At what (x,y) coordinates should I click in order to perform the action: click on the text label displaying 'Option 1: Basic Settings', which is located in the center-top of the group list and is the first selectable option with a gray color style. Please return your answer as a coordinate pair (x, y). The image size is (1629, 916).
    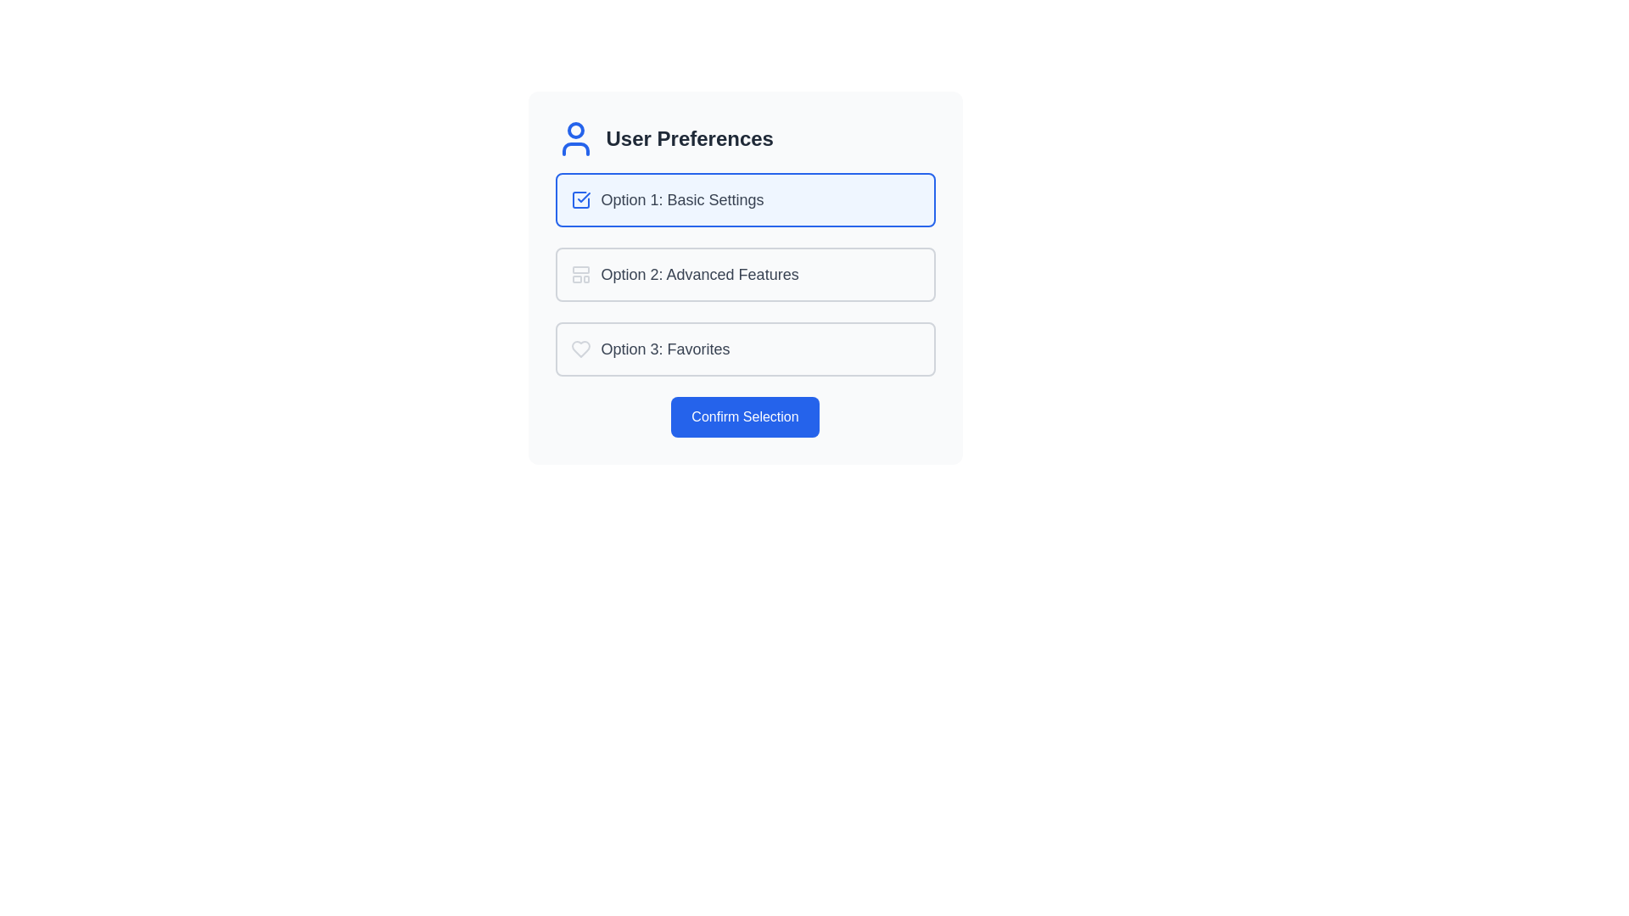
    Looking at the image, I should click on (682, 198).